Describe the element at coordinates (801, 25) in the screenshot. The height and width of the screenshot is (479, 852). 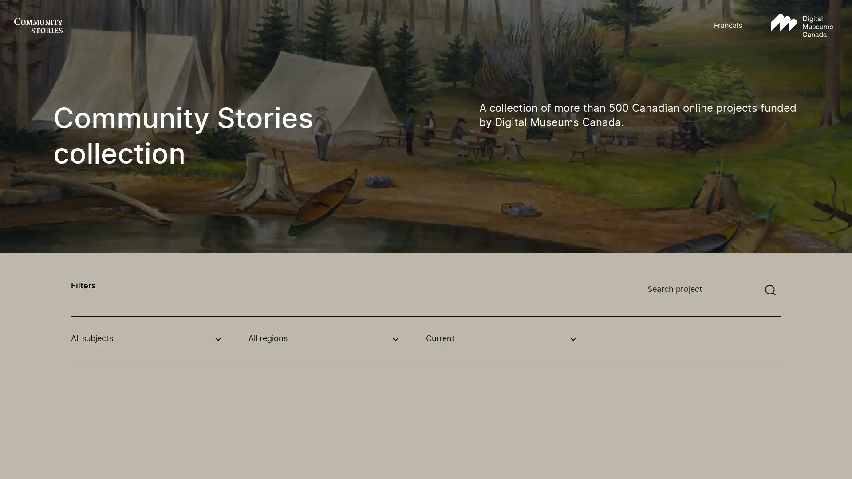
I see `Go to Digital Museums Canada website` at that location.